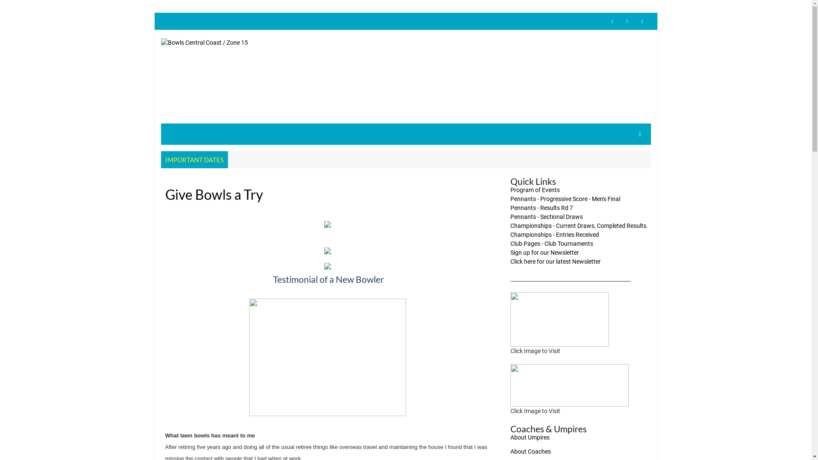 The height and width of the screenshot is (460, 818). Describe the element at coordinates (556, 261) in the screenshot. I see `'Click here for our latest Newsletter'` at that location.